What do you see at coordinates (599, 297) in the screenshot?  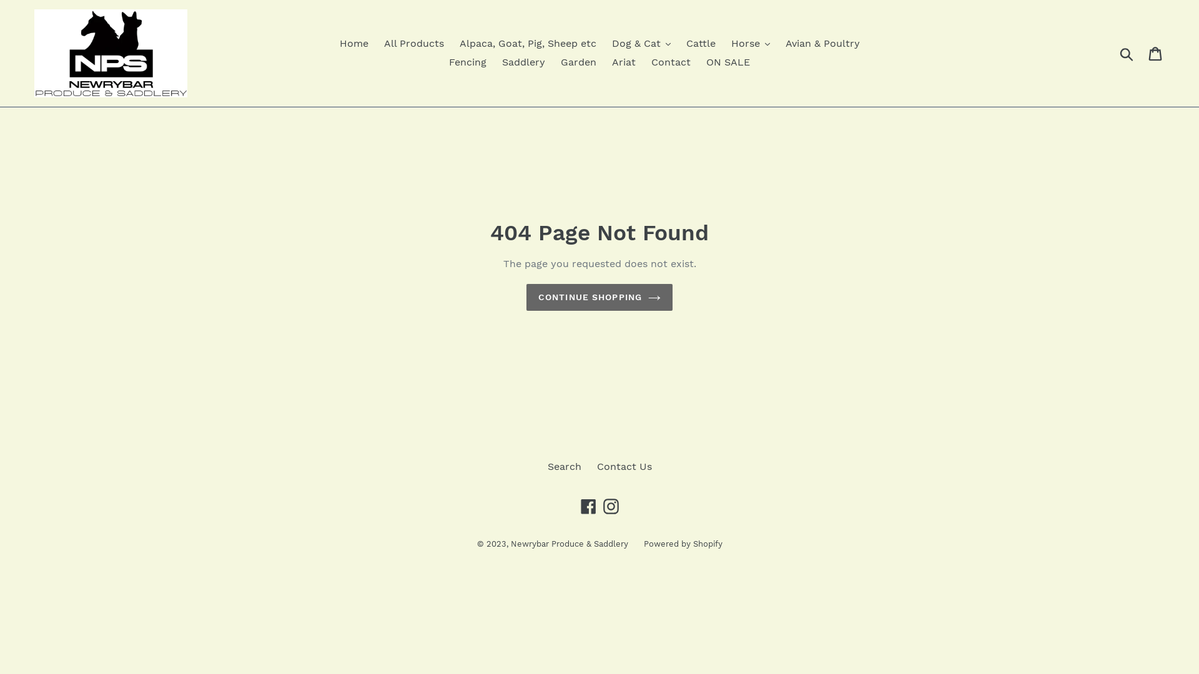 I see `'CONTINUE SHOPPING'` at bounding box center [599, 297].